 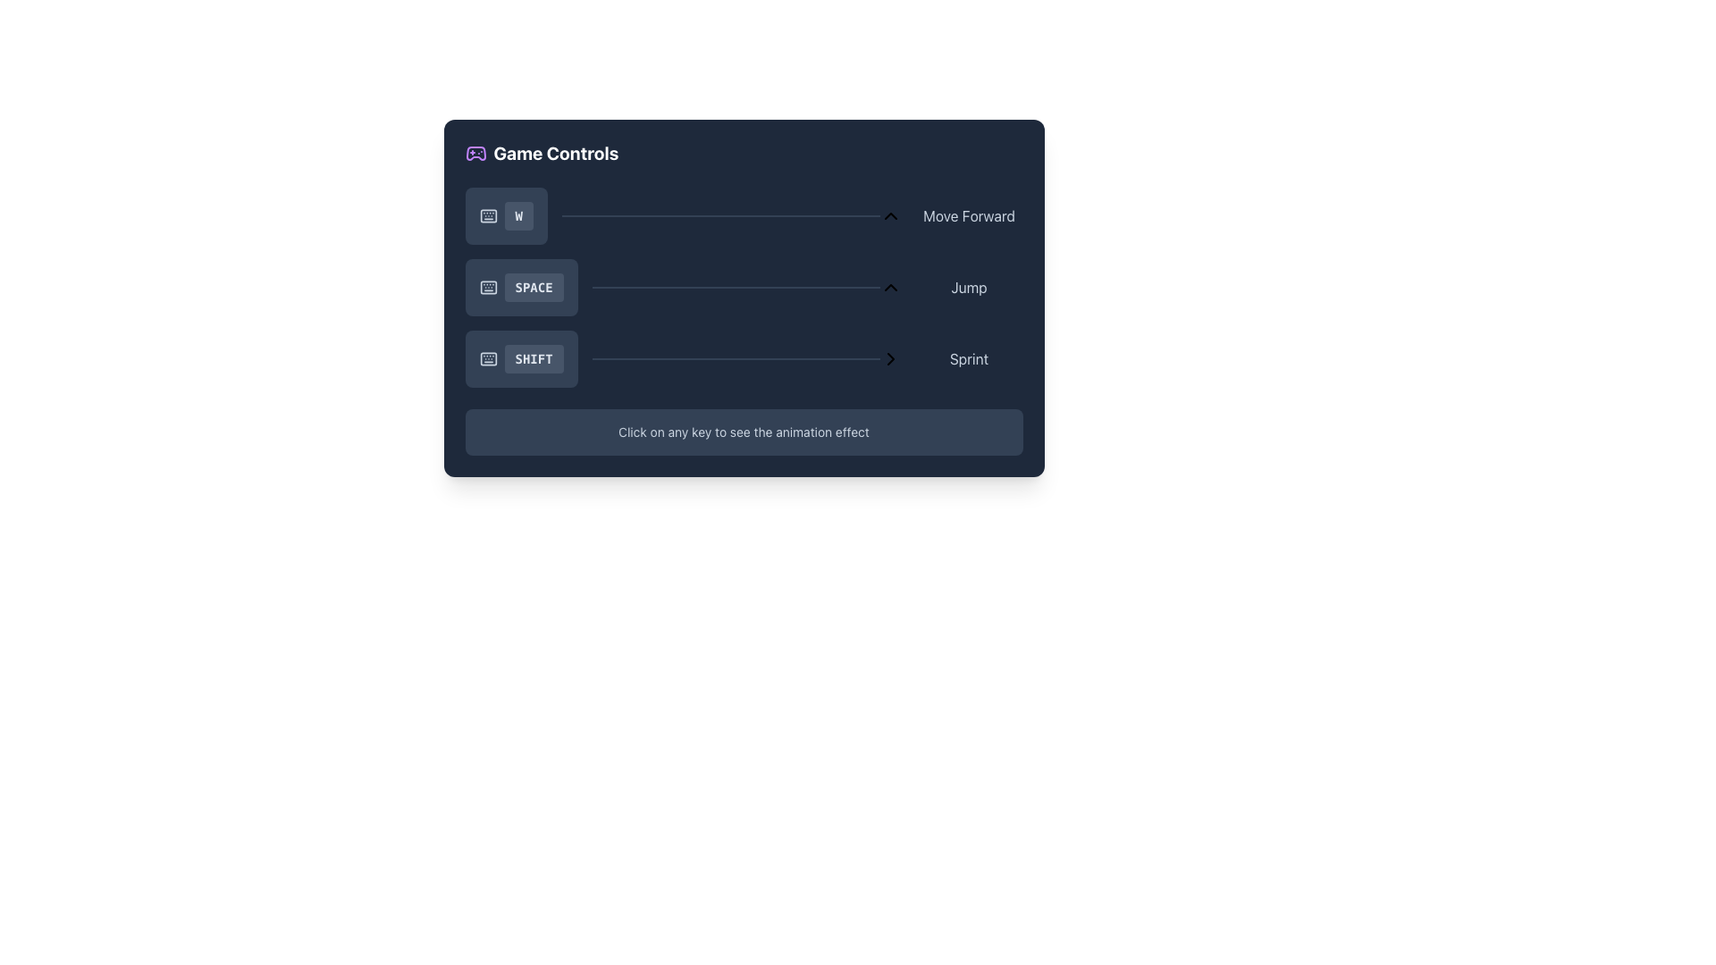 What do you see at coordinates (488, 358) in the screenshot?
I see `the design of the main body of the keyboard represented by the SVG graphic component within the keyboard icon, centrally aligned in the dialog box` at bounding box center [488, 358].